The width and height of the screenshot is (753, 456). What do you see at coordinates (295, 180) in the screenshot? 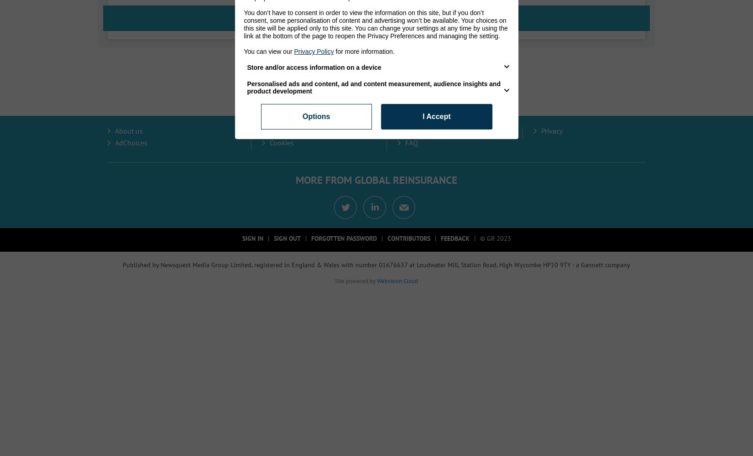
I see `'More from Global Reinsurance'` at bounding box center [295, 180].